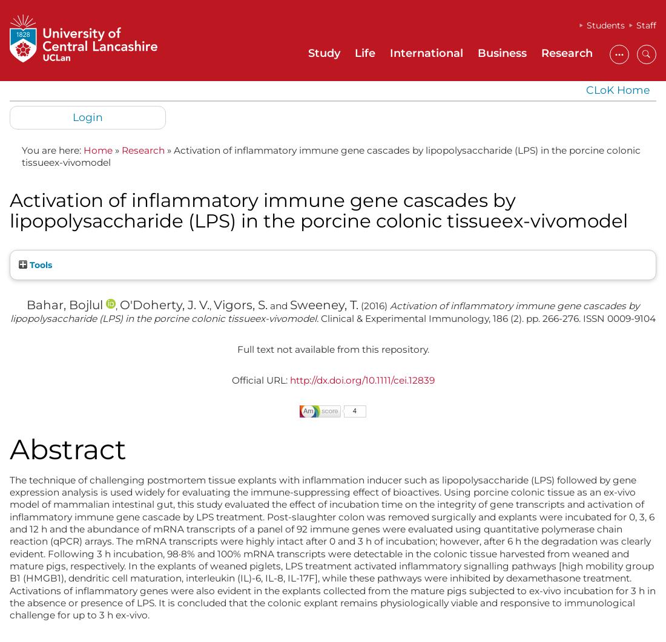 The width and height of the screenshot is (666, 642). What do you see at coordinates (53, 149) in the screenshot?
I see `'You are here:'` at bounding box center [53, 149].